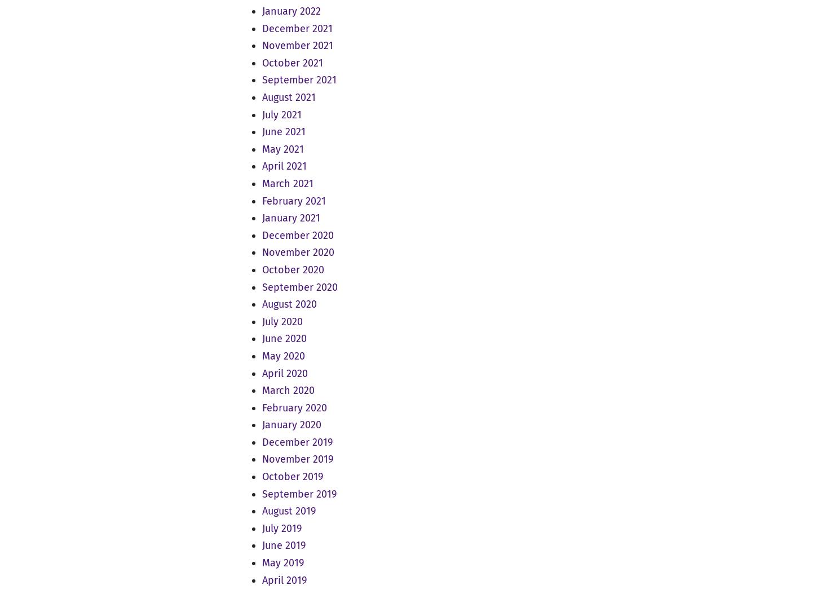  Describe the element at coordinates (282, 562) in the screenshot. I see `'May 2019'` at that location.